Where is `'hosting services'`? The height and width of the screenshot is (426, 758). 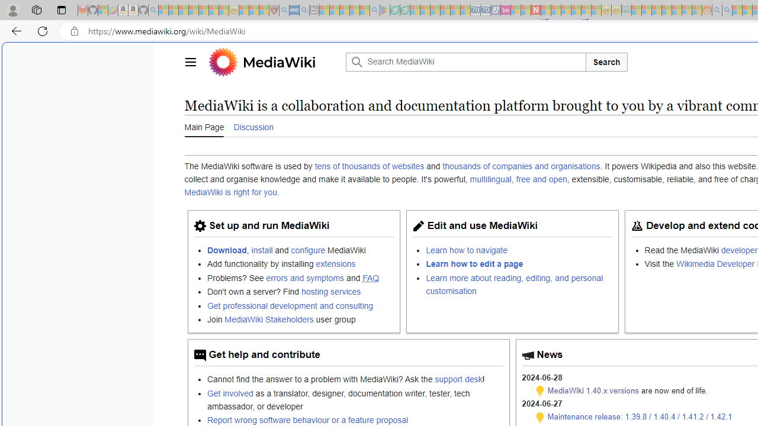
'hosting services' is located at coordinates (331, 292).